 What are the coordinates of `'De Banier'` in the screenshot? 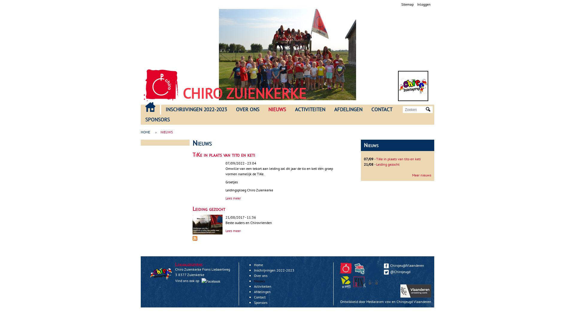 It's located at (346, 287).